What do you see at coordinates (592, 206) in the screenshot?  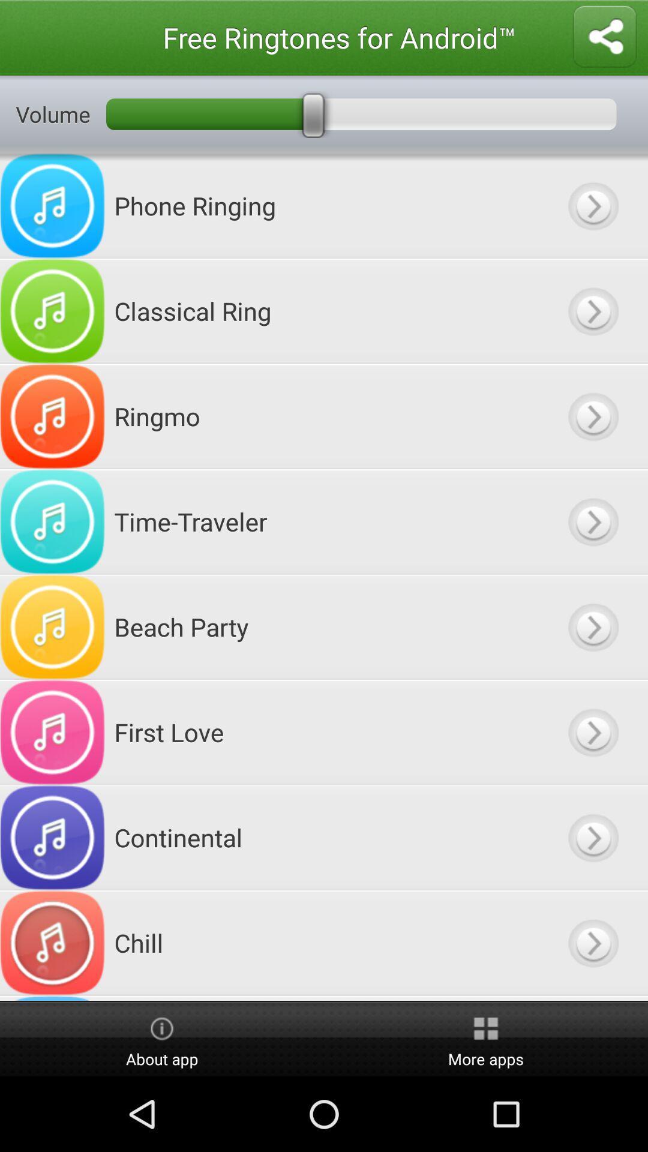 I see `'phone ringing subtype` at bounding box center [592, 206].